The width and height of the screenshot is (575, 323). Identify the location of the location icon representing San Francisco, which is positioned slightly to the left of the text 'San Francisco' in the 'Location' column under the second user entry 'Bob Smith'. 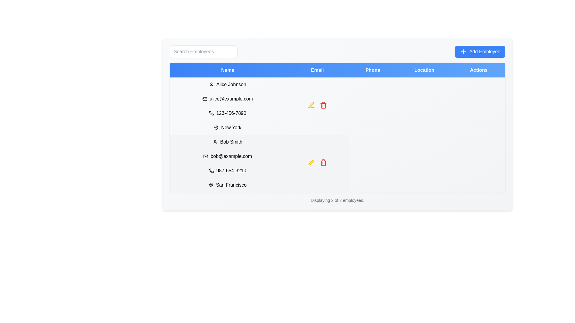
(211, 185).